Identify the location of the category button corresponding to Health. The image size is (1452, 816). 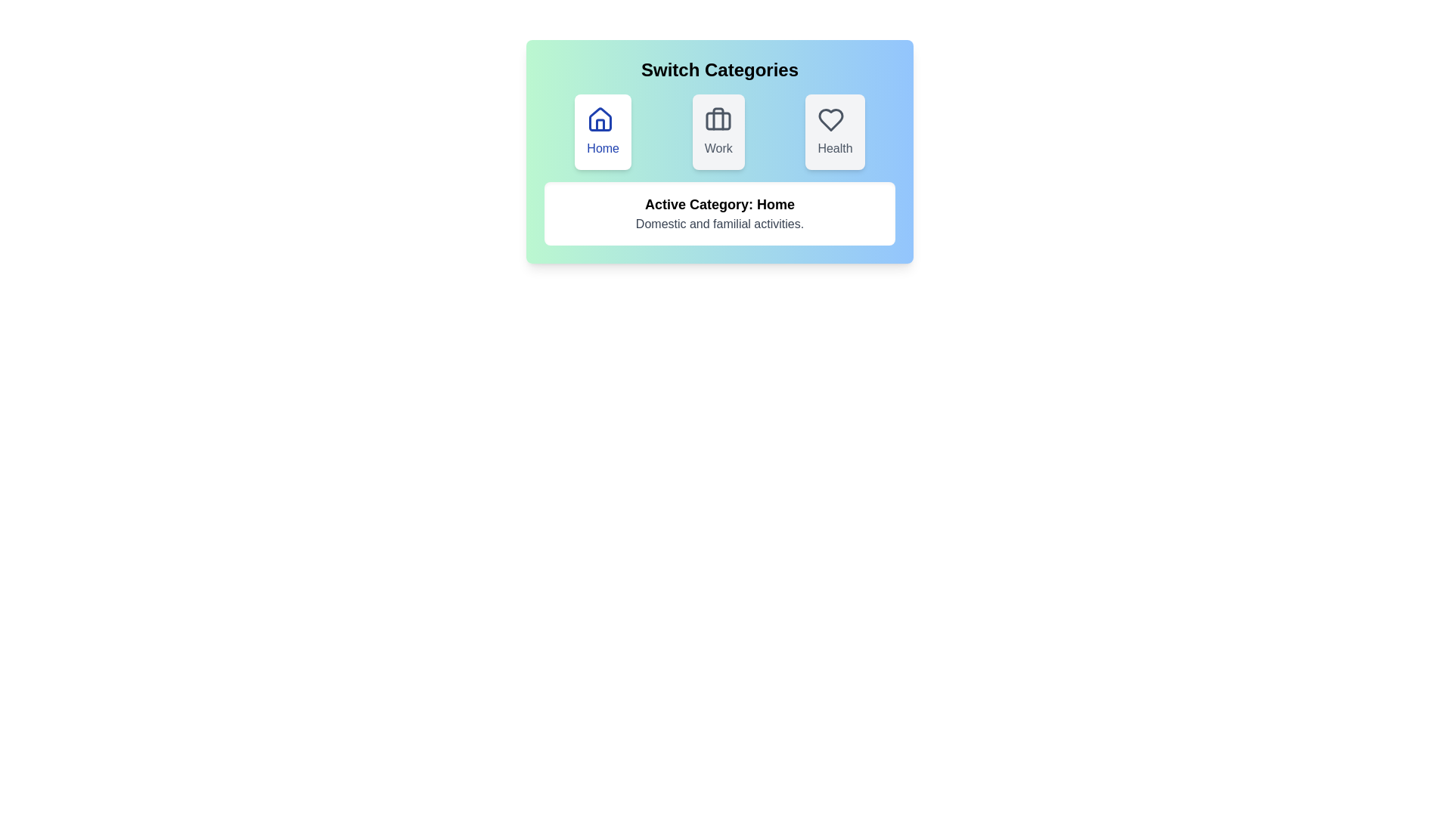
(834, 131).